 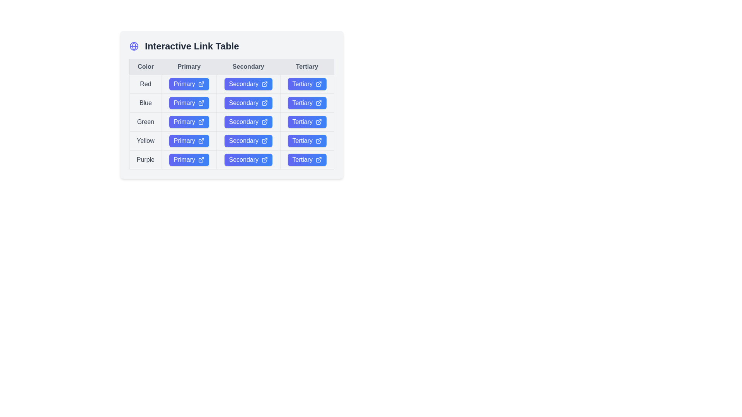 What do you see at coordinates (192, 46) in the screenshot?
I see `the bold text labeled 'Interactive Link Table' which is prominently displayed in gray color and positioned to the right of a globe-like icon within a flexible layout` at bounding box center [192, 46].